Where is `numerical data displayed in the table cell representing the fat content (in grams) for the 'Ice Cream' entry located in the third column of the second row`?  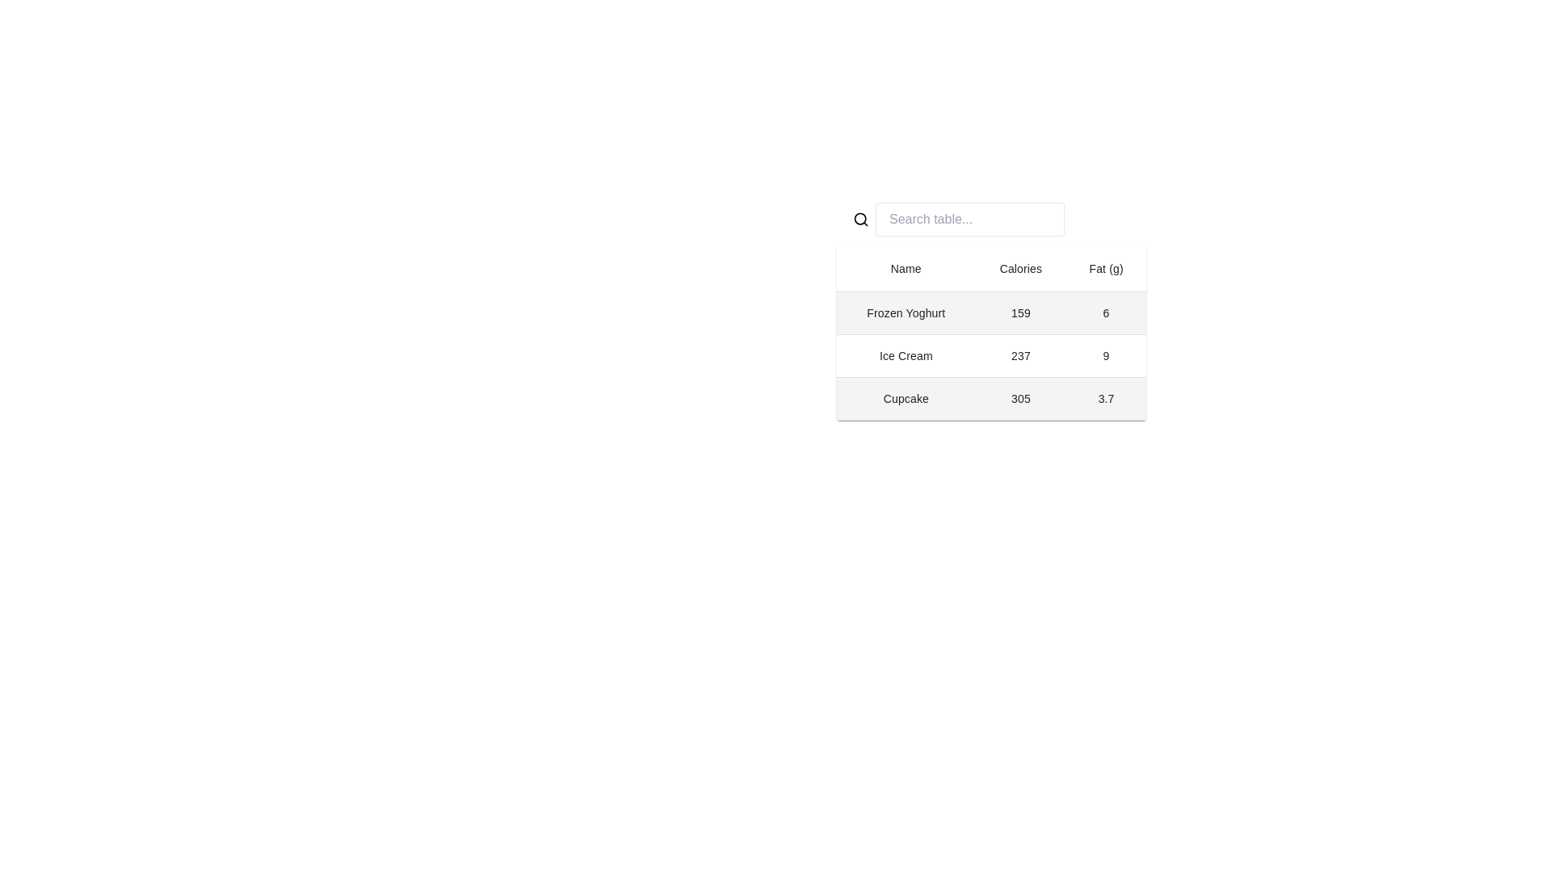
numerical data displayed in the table cell representing the fat content (in grams) for the 'Ice Cream' entry located in the third column of the second row is located at coordinates (1105, 355).